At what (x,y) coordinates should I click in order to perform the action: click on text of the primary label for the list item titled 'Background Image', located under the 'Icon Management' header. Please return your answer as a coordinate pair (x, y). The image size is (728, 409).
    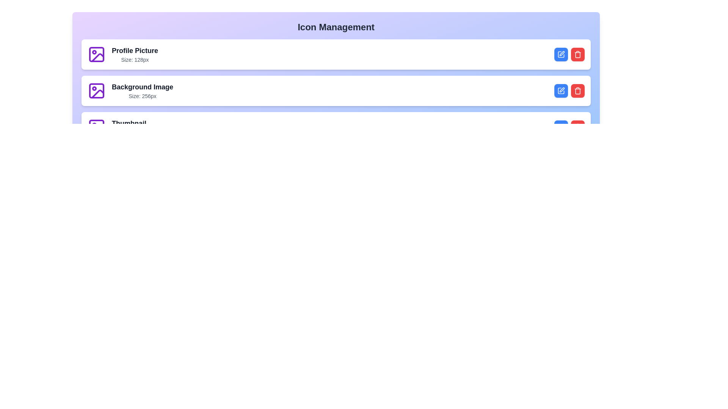
    Looking at the image, I should click on (142, 87).